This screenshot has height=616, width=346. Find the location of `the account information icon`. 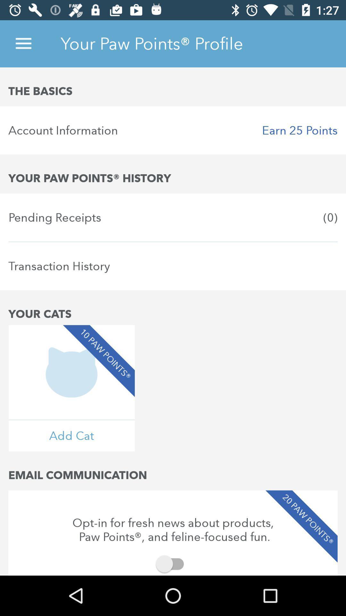

the account information icon is located at coordinates (173, 130).